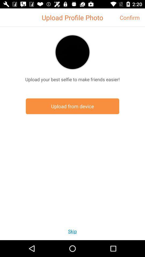 Image resolution: width=145 pixels, height=257 pixels. I want to click on the upload your best app, so click(73, 79).